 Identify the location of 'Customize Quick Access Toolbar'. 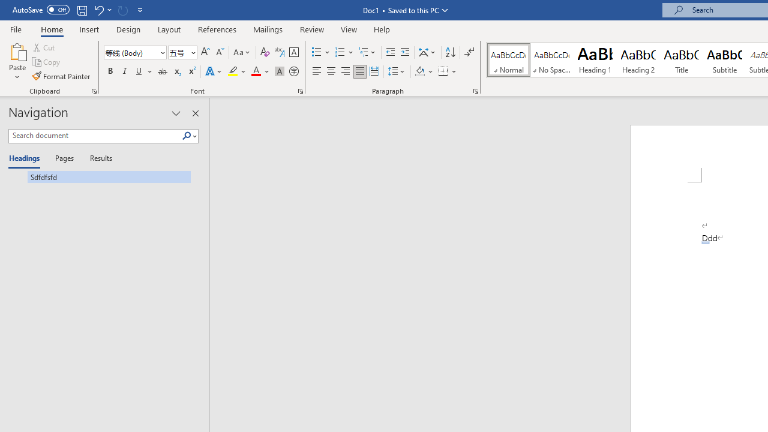
(140, 10).